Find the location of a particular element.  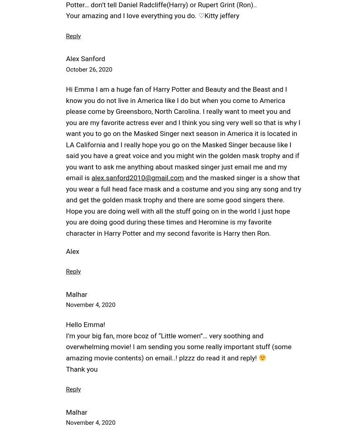

'Alex' is located at coordinates (72, 251).